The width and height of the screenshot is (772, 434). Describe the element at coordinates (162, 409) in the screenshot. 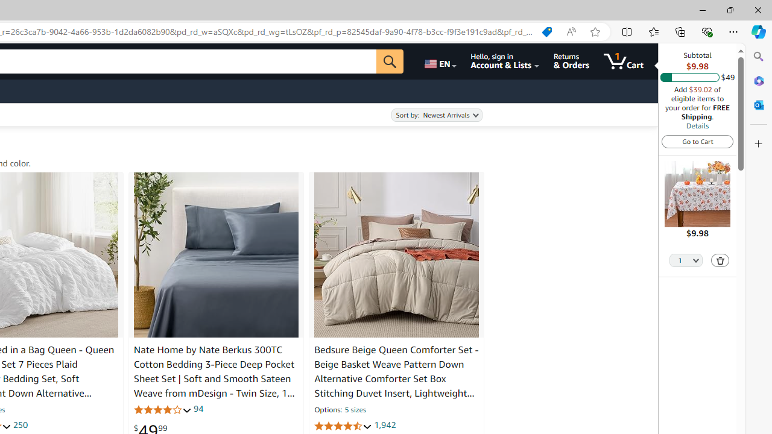

I see `'3.9 out of 5 stars'` at that location.